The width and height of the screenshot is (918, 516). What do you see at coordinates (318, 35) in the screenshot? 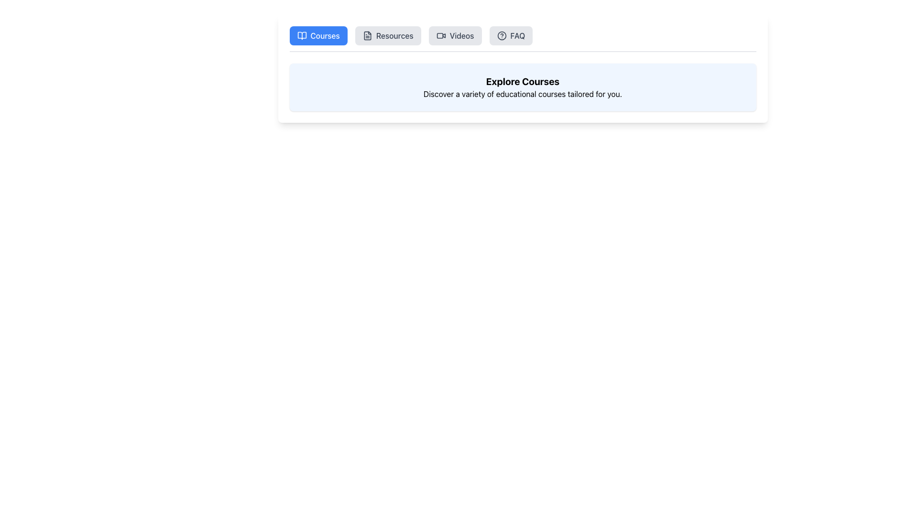
I see `the navigation button located in the top-middle of the interface to redirect to the courses page` at bounding box center [318, 35].